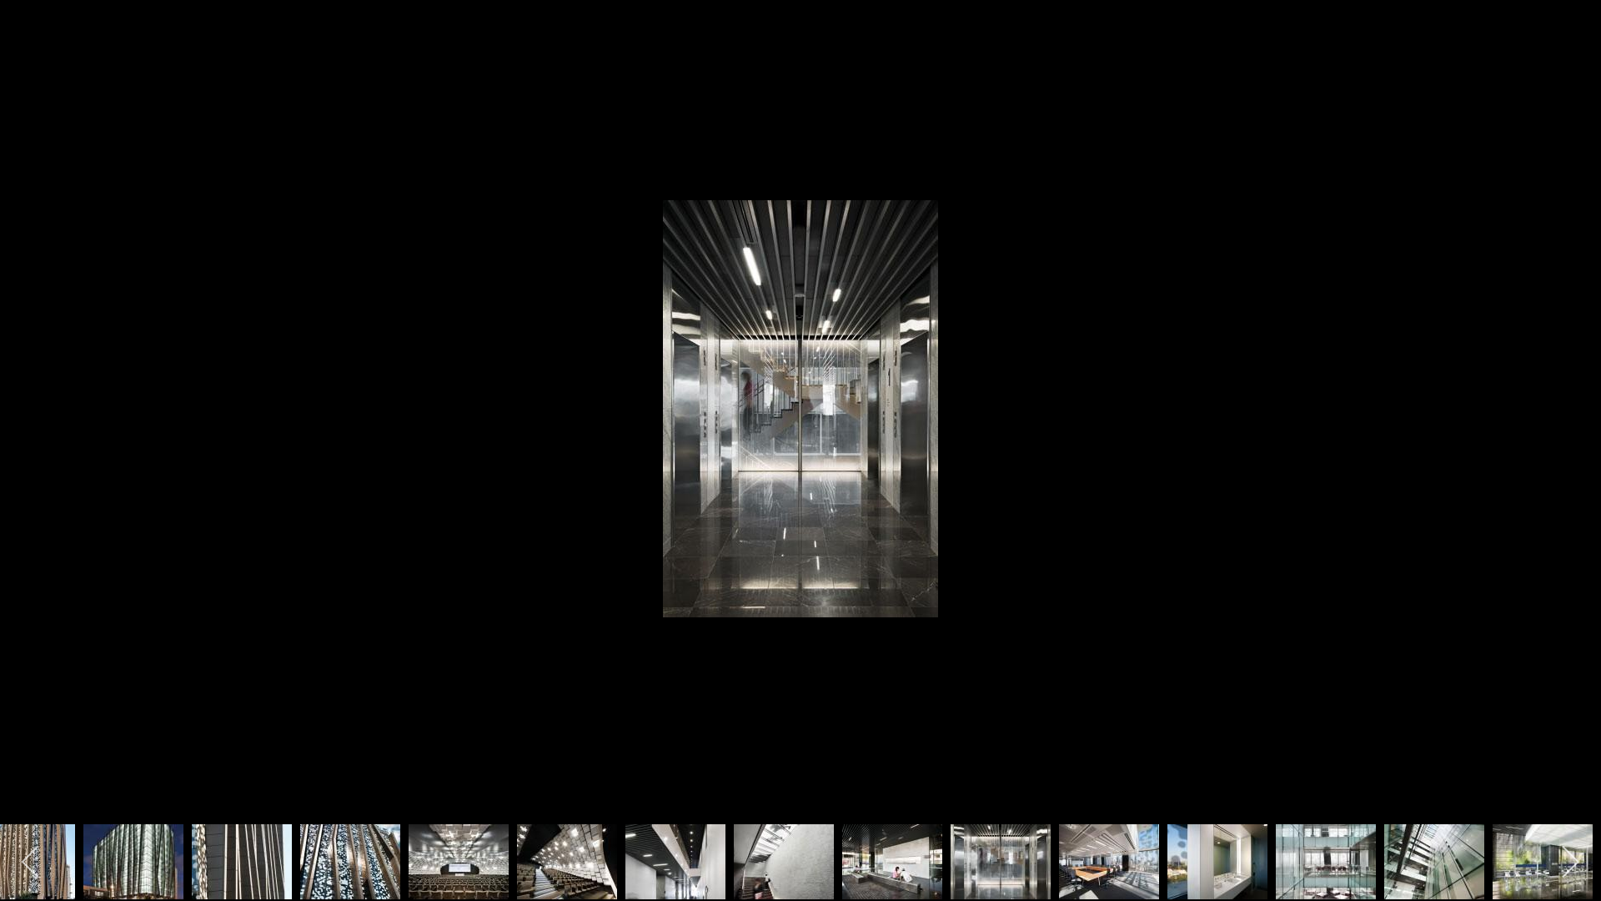  I want to click on '090116 D3X 1312cmyk', so click(783, 862).